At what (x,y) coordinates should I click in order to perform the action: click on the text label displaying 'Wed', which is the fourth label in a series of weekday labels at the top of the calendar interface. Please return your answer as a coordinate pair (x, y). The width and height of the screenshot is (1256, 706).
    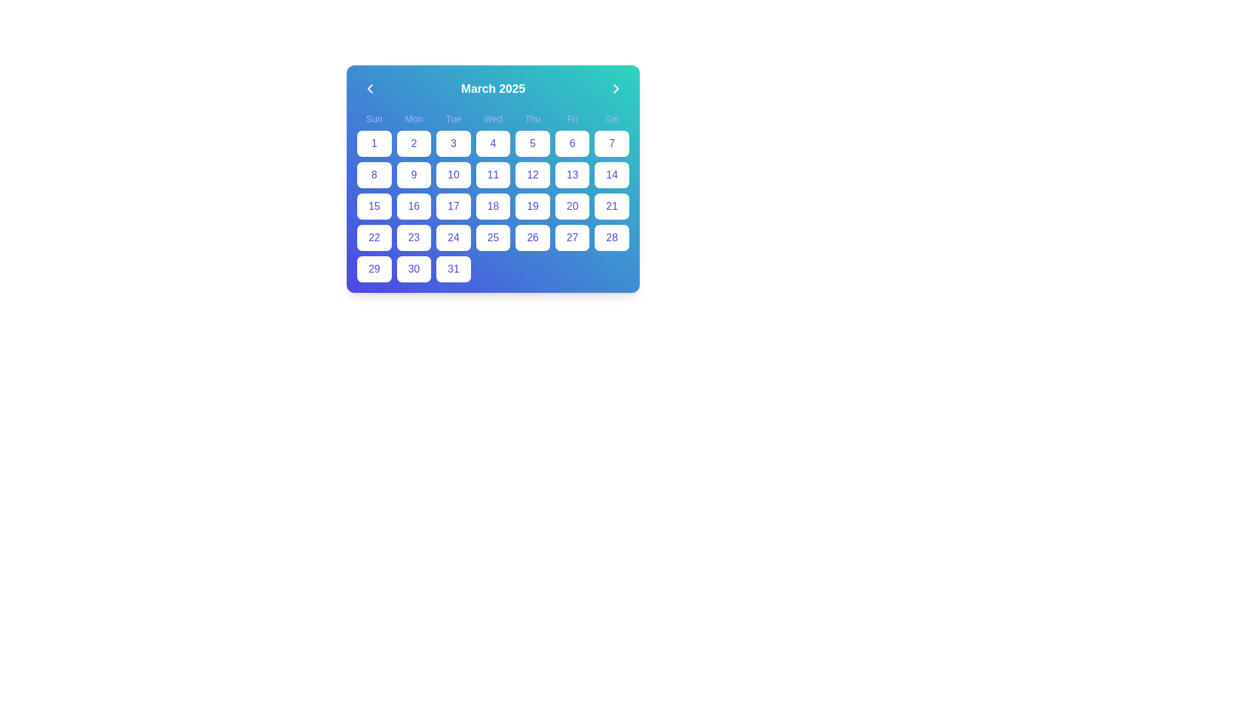
    Looking at the image, I should click on (492, 118).